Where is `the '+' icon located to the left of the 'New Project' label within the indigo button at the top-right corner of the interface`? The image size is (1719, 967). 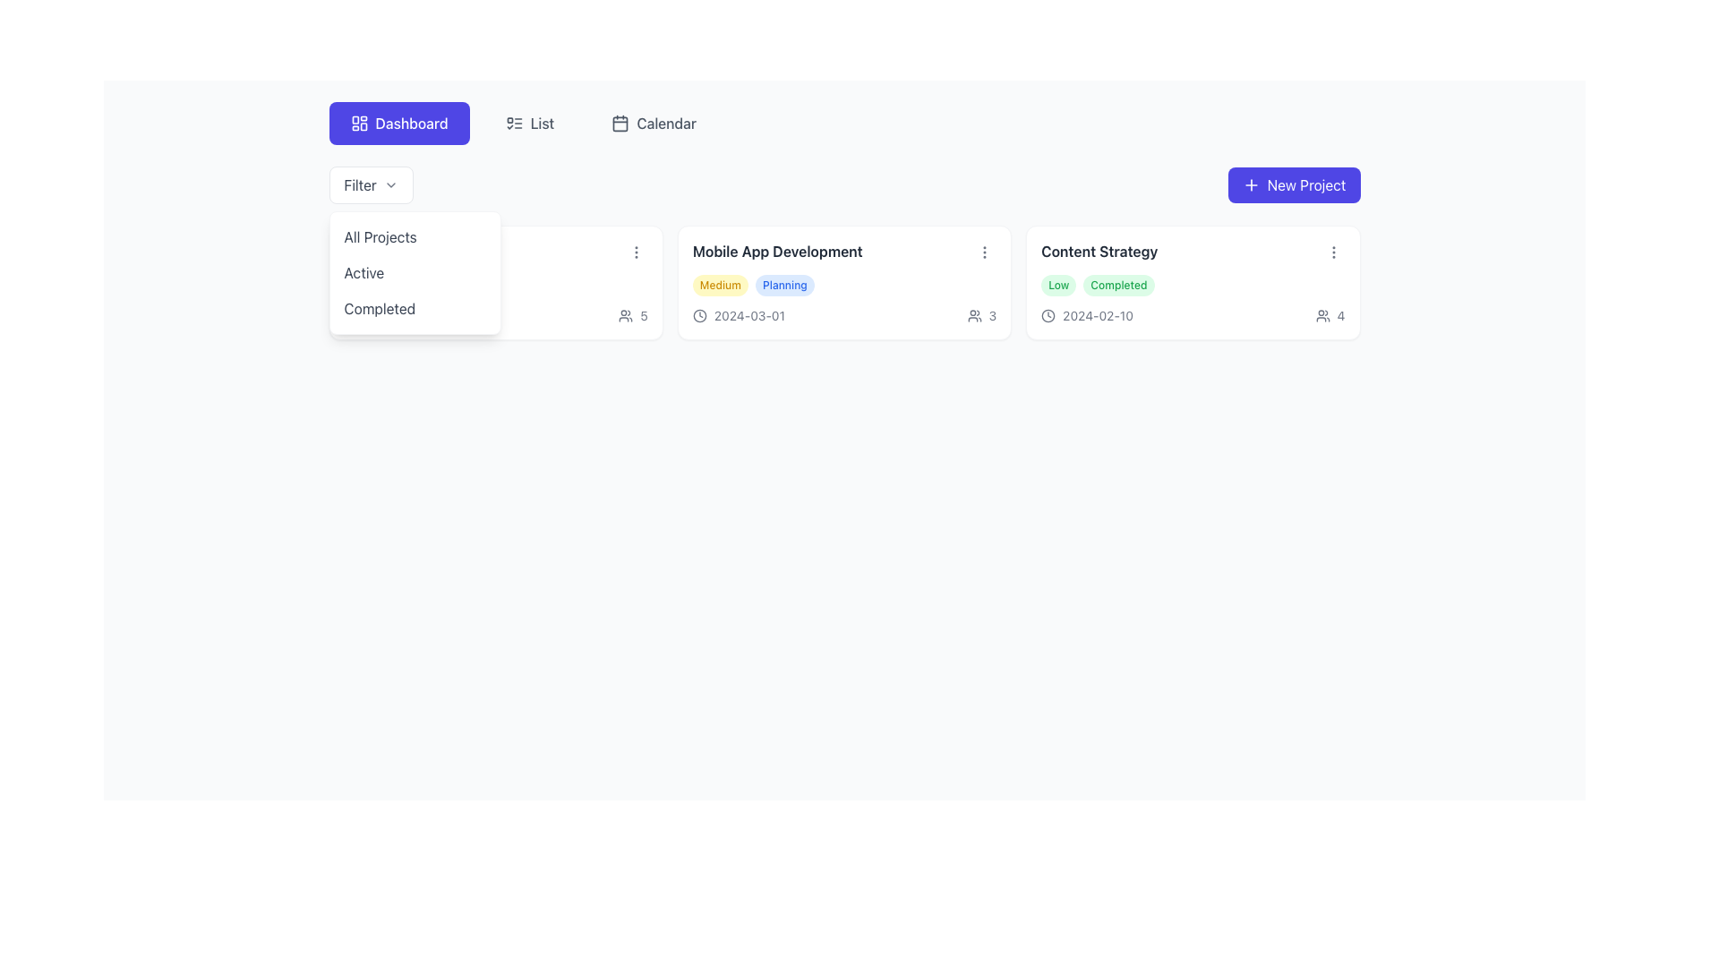 the '+' icon located to the left of the 'New Project' label within the indigo button at the top-right corner of the interface is located at coordinates (1250, 185).